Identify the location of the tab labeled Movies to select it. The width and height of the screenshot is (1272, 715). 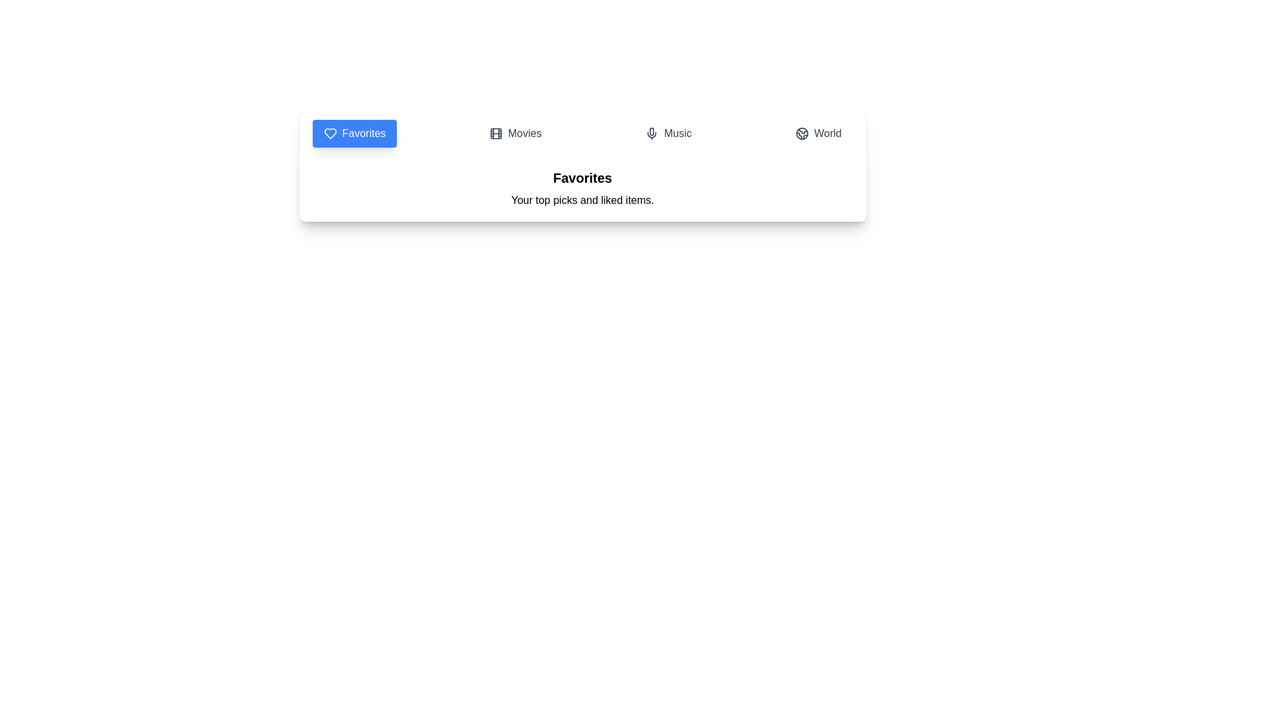
(515, 133).